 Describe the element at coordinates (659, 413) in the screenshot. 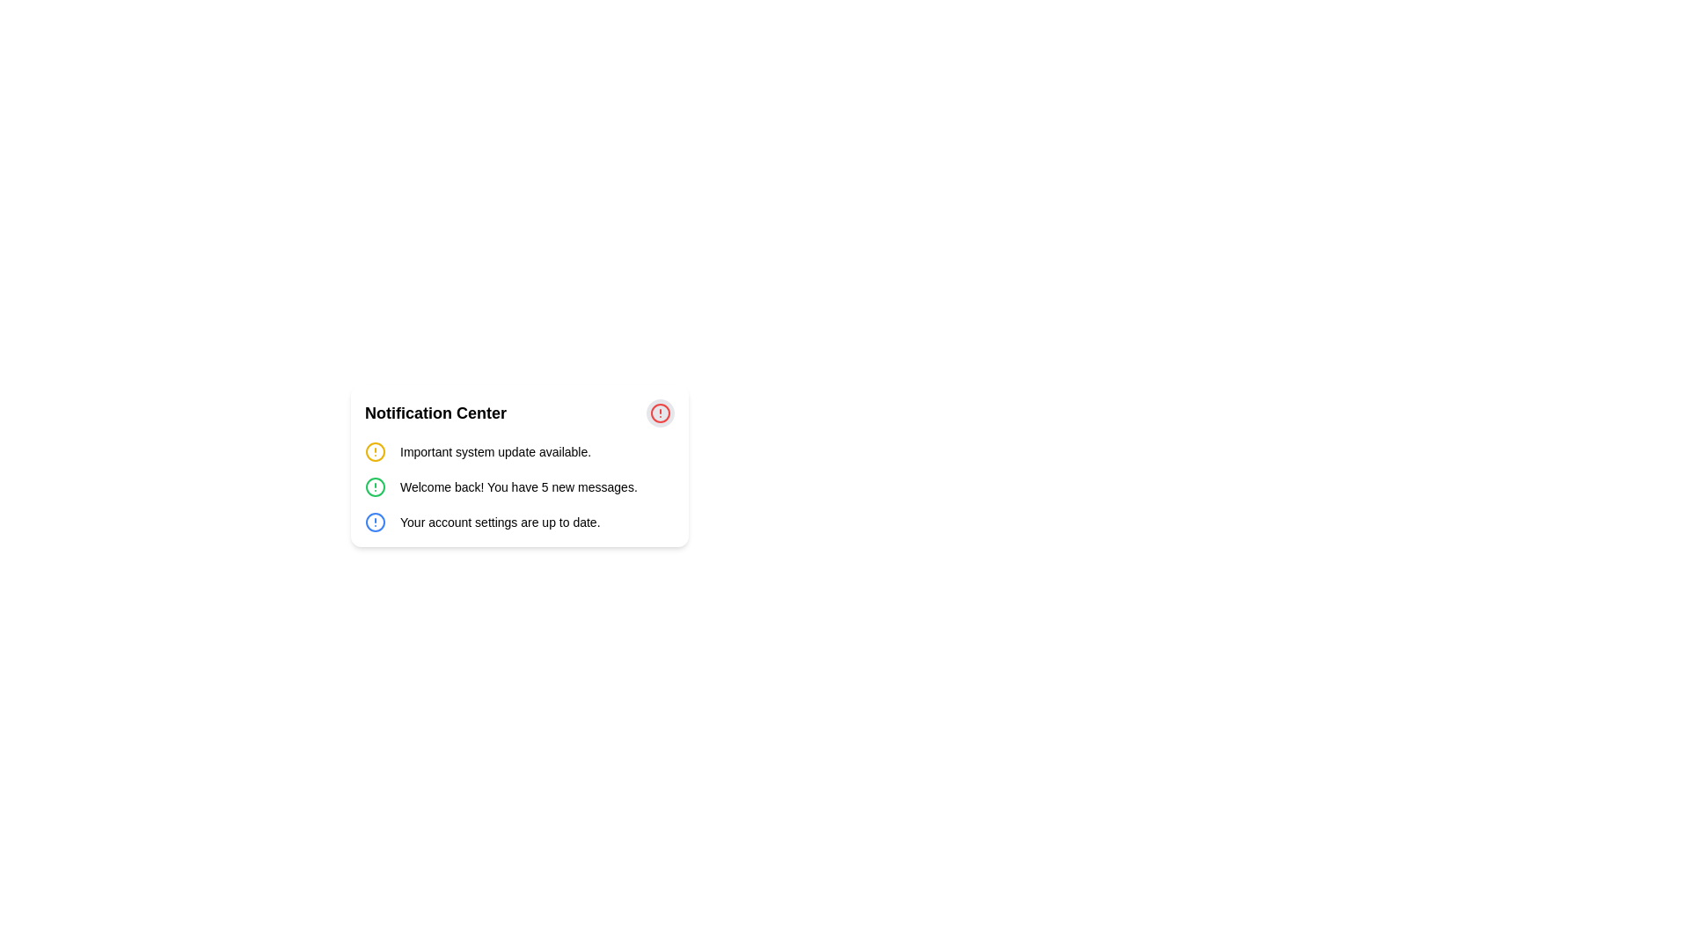

I see `the central circle of the alert icon located at the top-right corner of the Notification Center card, which is part of the 'Important system update available' notification` at that location.